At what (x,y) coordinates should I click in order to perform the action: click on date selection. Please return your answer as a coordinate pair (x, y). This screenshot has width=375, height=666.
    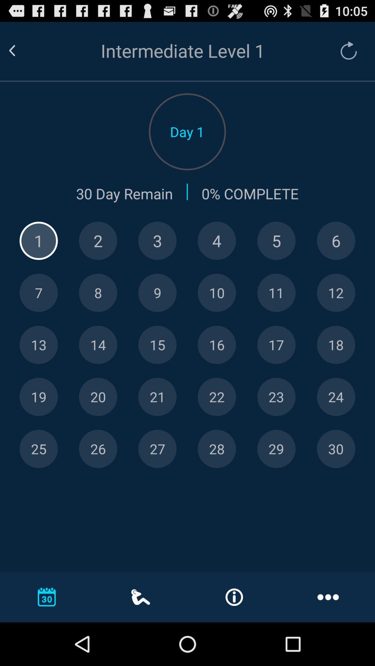
    Looking at the image, I should click on (216, 449).